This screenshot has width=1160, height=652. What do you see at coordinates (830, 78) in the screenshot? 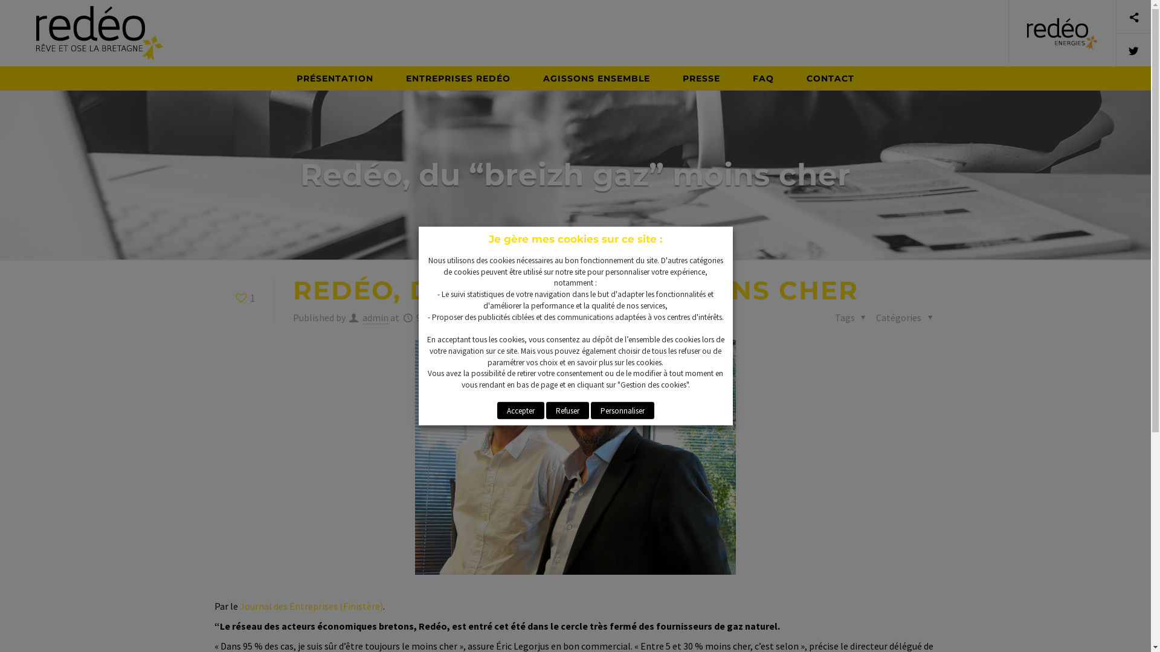
I see `'CONTACT'` at bounding box center [830, 78].